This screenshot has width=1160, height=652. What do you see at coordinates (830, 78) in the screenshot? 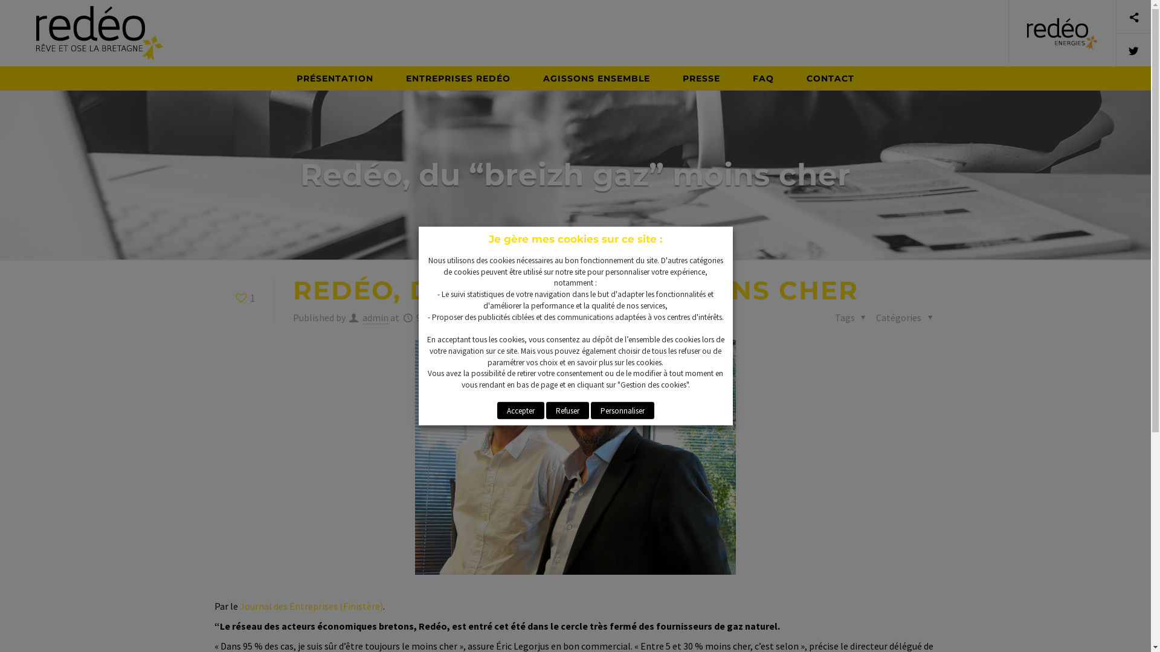
I see `'CONTACT'` at bounding box center [830, 78].